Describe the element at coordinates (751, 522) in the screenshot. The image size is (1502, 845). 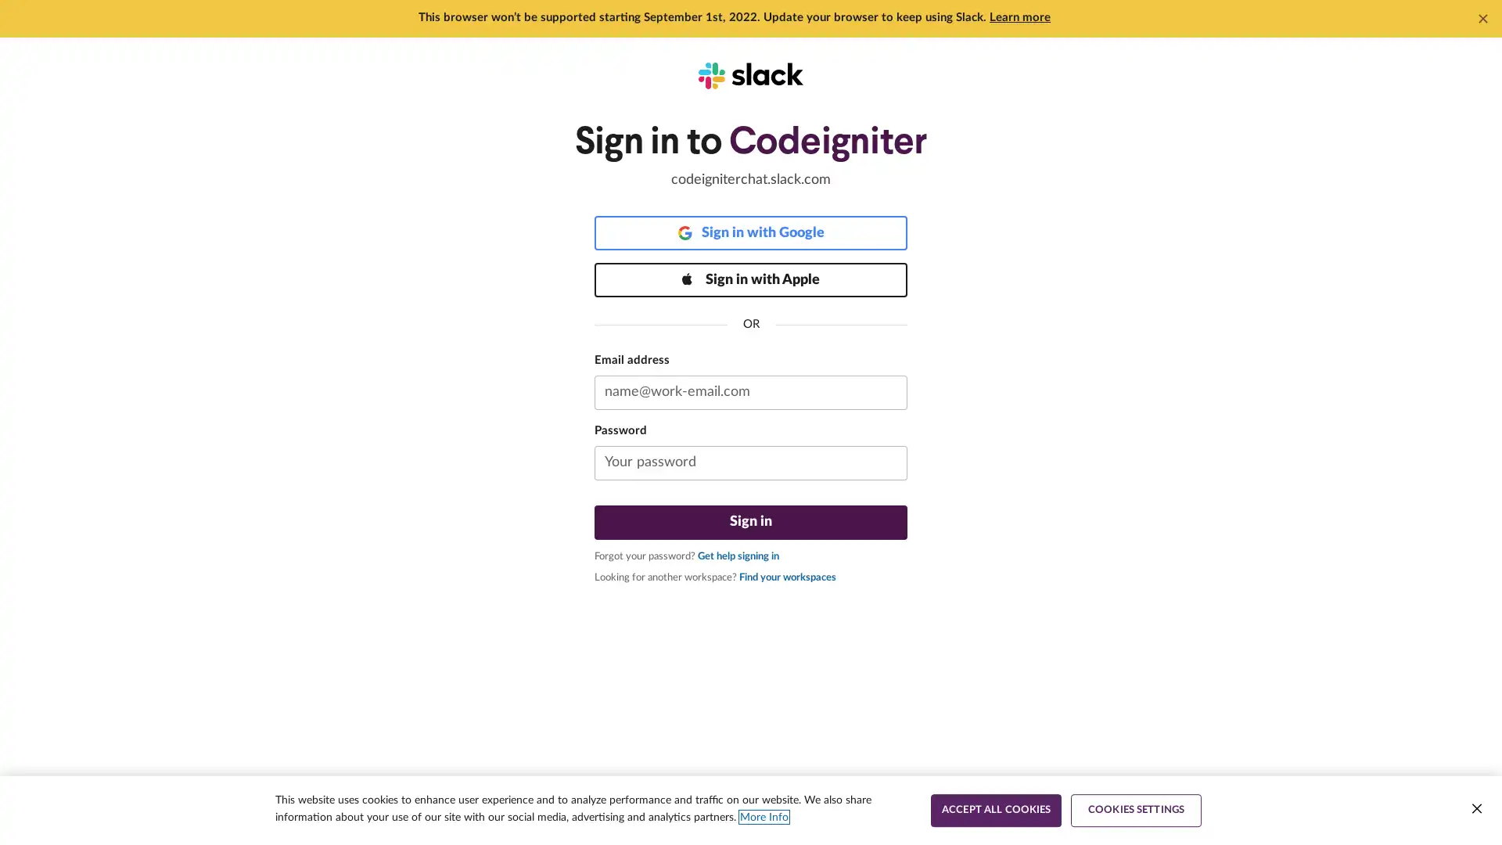
I see `Sign in` at that location.